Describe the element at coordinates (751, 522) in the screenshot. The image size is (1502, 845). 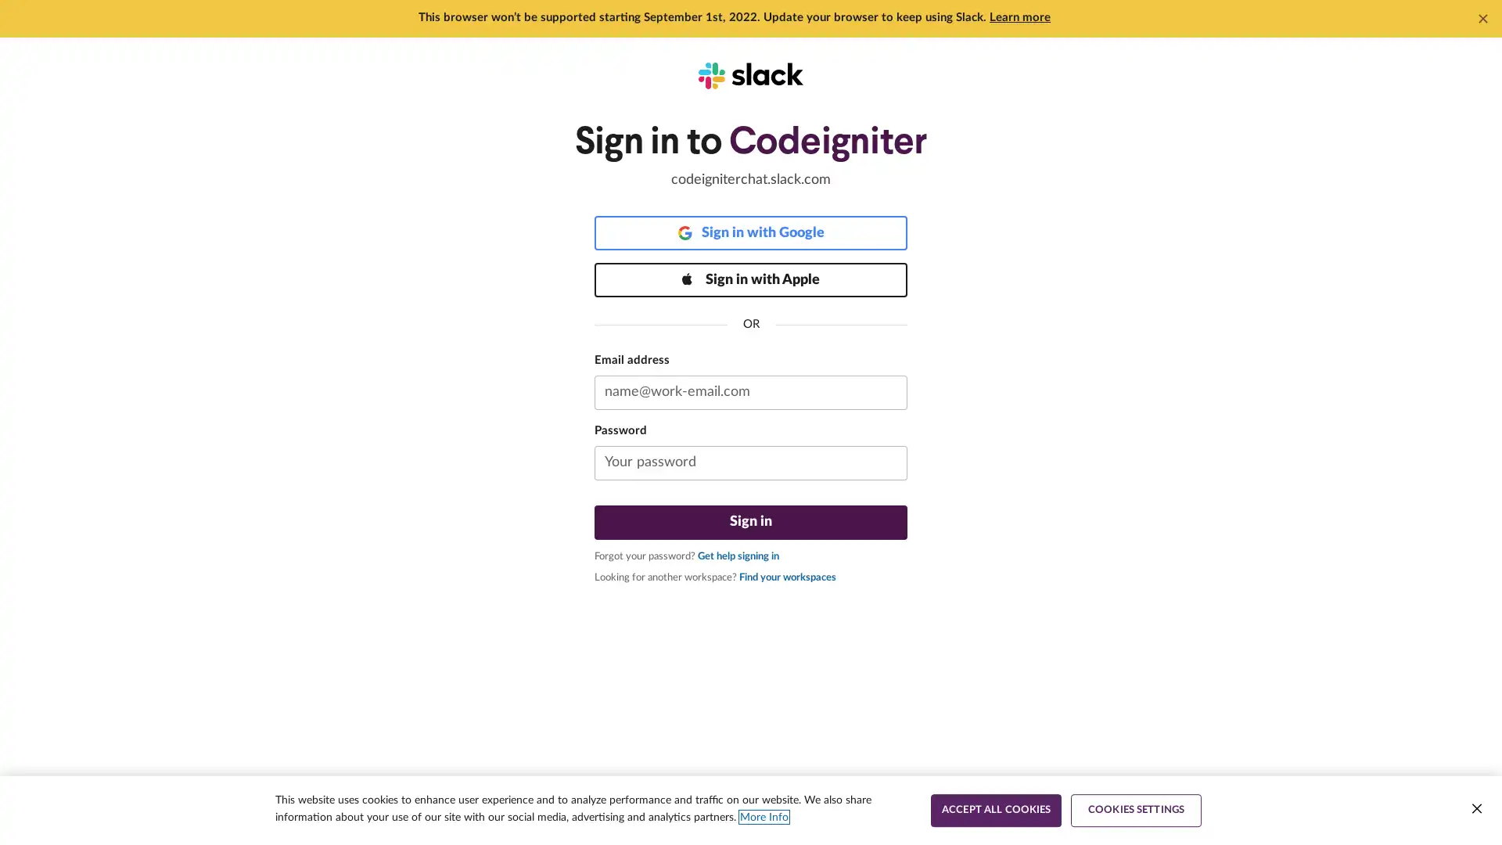
I see `Sign in` at that location.